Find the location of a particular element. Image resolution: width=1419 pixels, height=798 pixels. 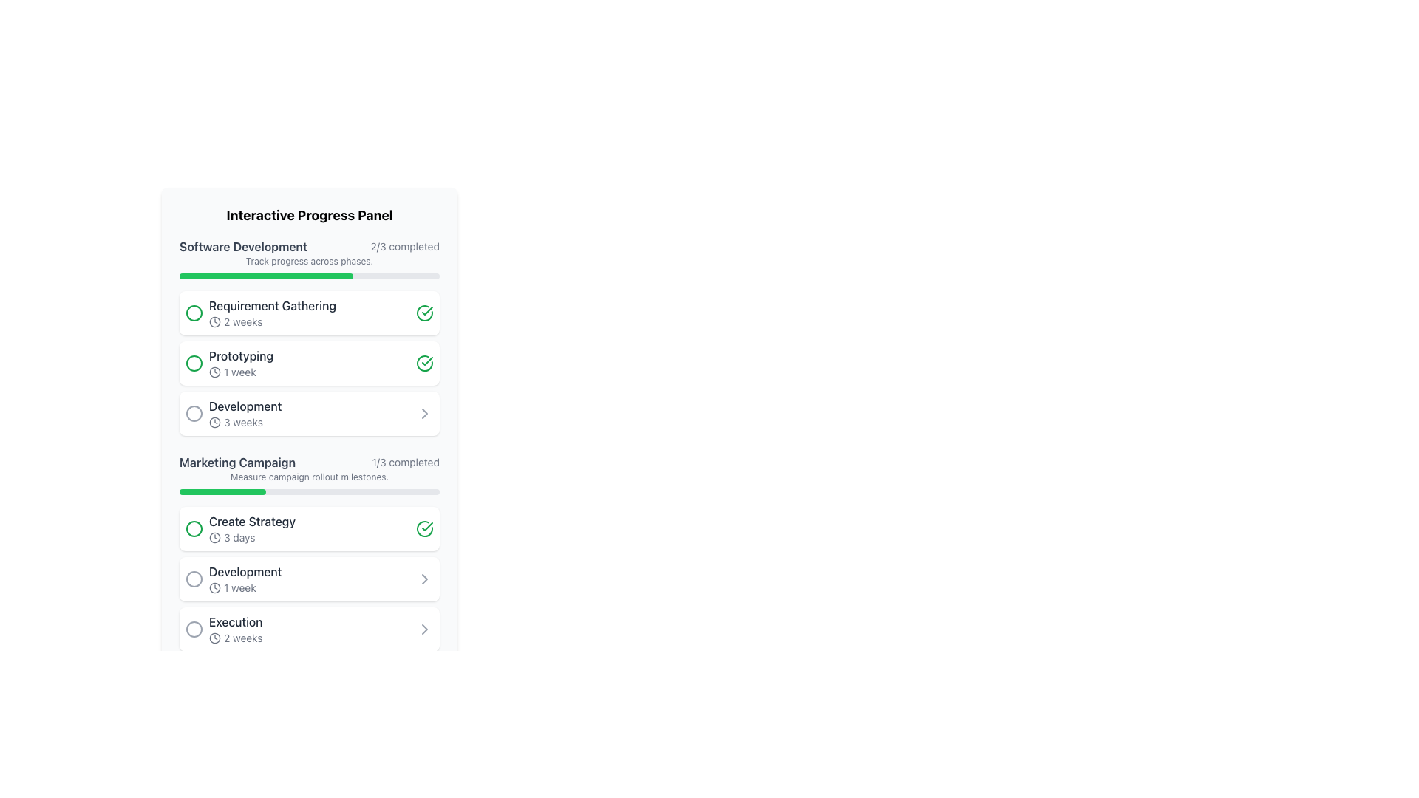

the circular icon with a green outline and a green checkmark indicating the completion status of the 'Requirement Gathering' task in the 'Software Development' section is located at coordinates (424, 528).